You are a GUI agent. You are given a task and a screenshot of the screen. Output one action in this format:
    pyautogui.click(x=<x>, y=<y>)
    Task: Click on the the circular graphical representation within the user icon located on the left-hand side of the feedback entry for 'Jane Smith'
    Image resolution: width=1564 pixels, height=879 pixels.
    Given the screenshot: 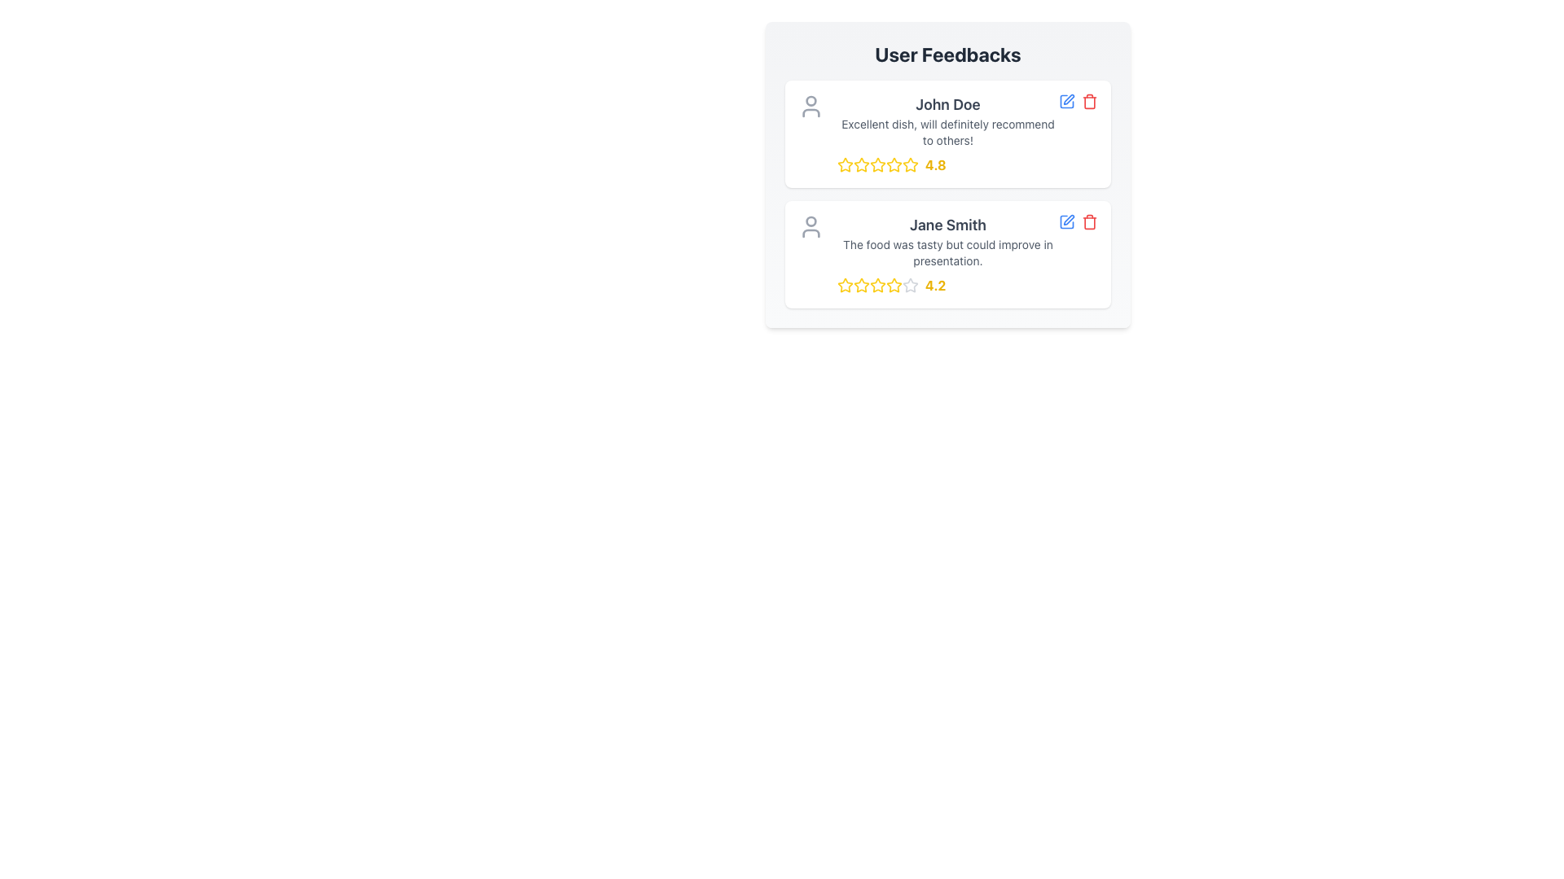 What is the action you would take?
    pyautogui.click(x=811, y=221)
    